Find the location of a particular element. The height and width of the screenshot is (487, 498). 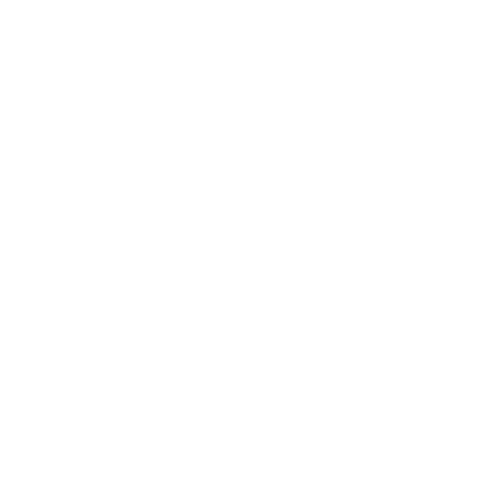

'The' is located at coordinates (73, 471).